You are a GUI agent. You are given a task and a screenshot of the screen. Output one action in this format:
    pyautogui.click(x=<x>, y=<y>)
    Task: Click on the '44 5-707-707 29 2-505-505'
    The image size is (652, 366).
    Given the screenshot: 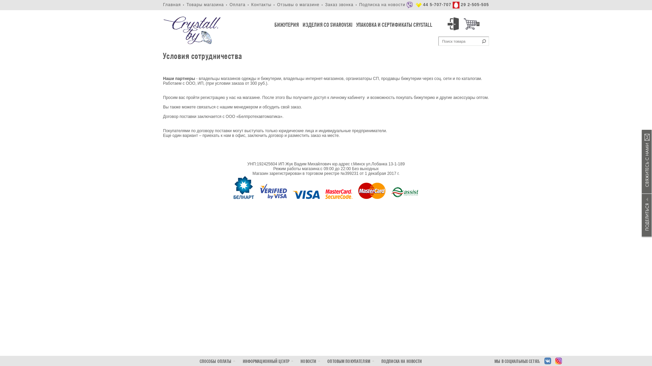 What is the action you would take?
    pyautogui.click(x=448, y=5)
    